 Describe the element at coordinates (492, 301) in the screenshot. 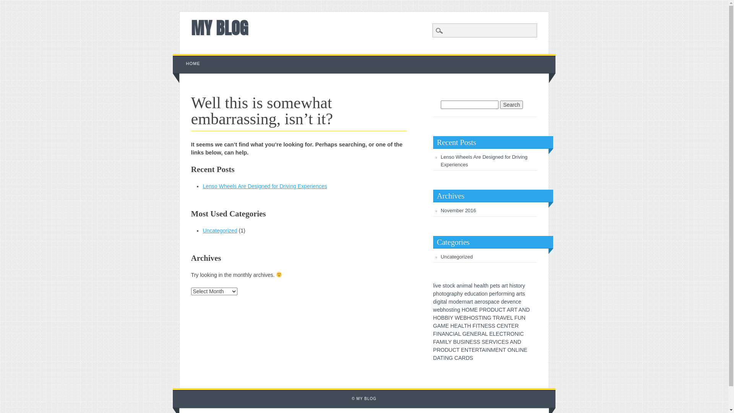

I see `'a'` at that location.